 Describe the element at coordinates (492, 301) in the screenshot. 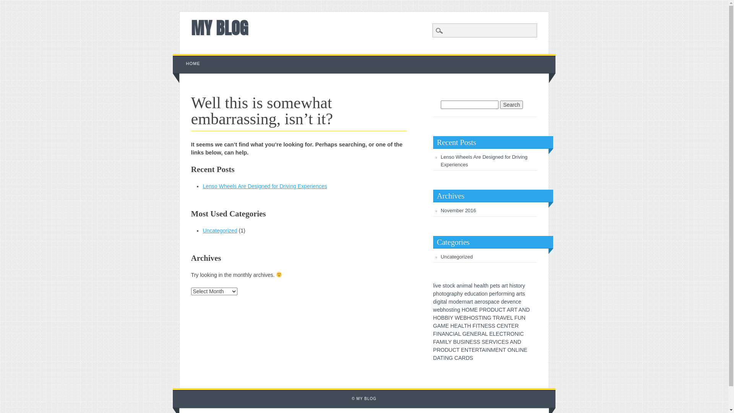

I see `'a'` at that location.